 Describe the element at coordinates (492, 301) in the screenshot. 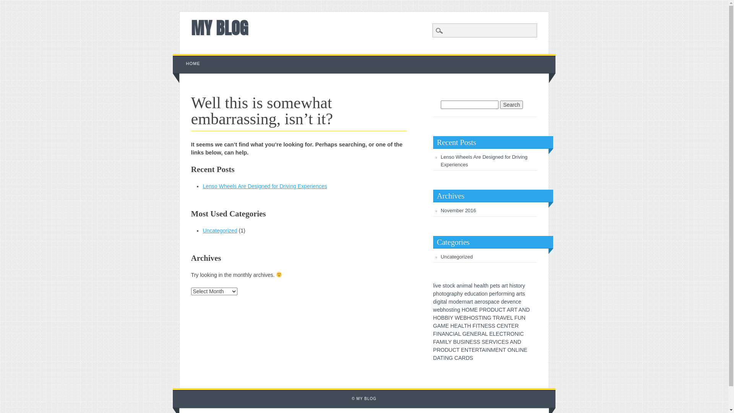

I see `'a'` at that location.